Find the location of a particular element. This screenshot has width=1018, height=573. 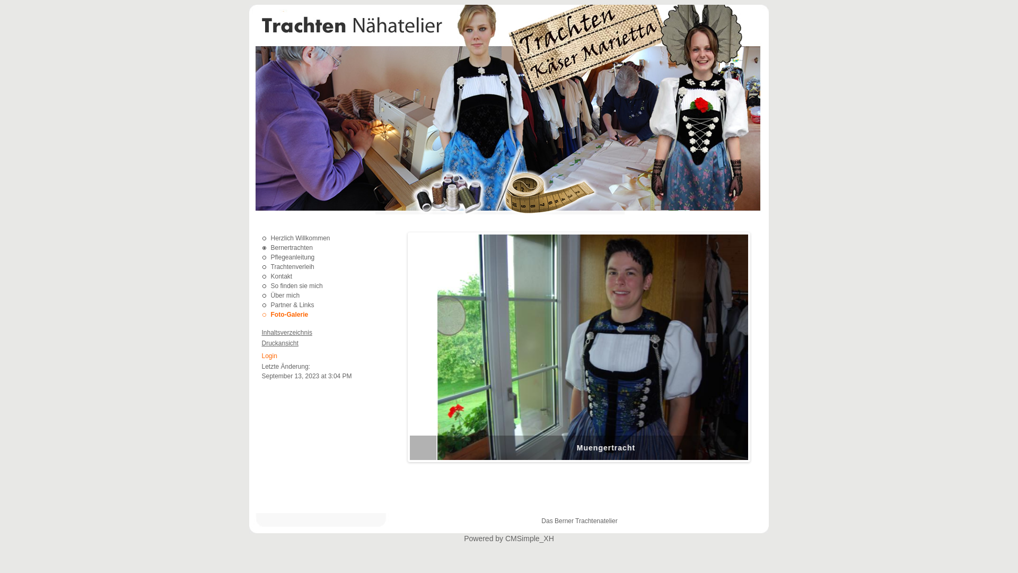

'Trachtenverleih' is located at coordinates (292, 266).